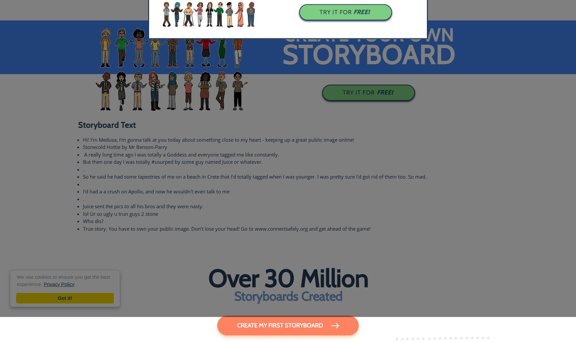 The width and height of the screenshot is (576, 342). What do you see at coordinates (92, 220) in the screenshot?
I see `'Who dis?'` at bounding box center [92, 220].